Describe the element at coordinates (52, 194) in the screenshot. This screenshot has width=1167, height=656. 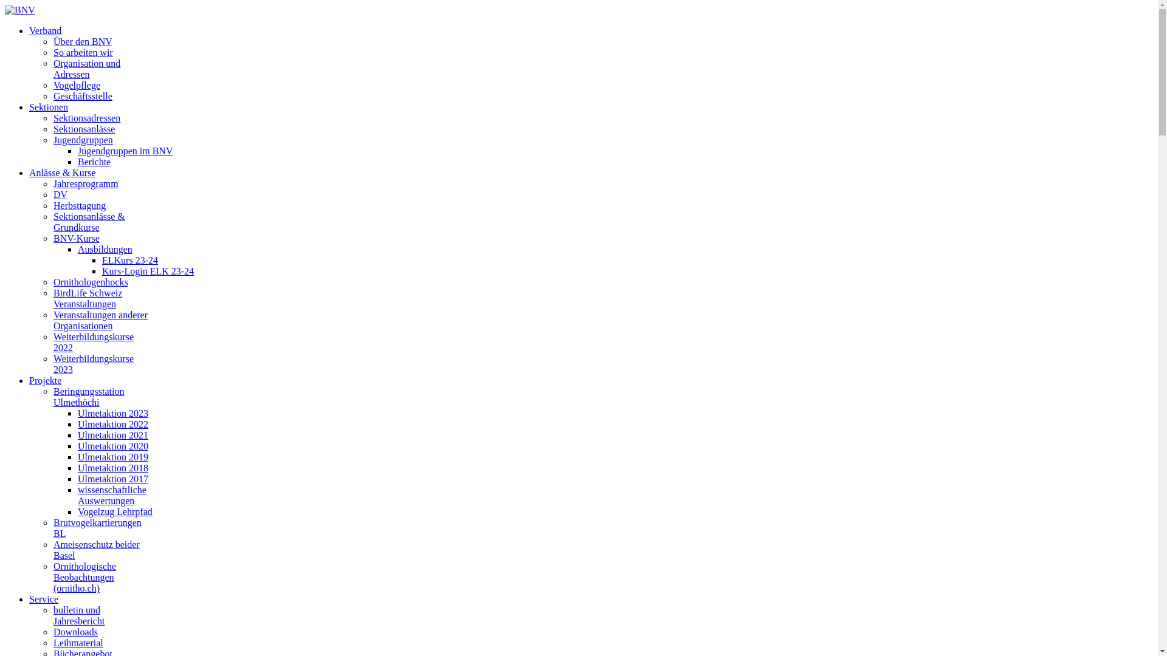
I see `'DV'` at that location.